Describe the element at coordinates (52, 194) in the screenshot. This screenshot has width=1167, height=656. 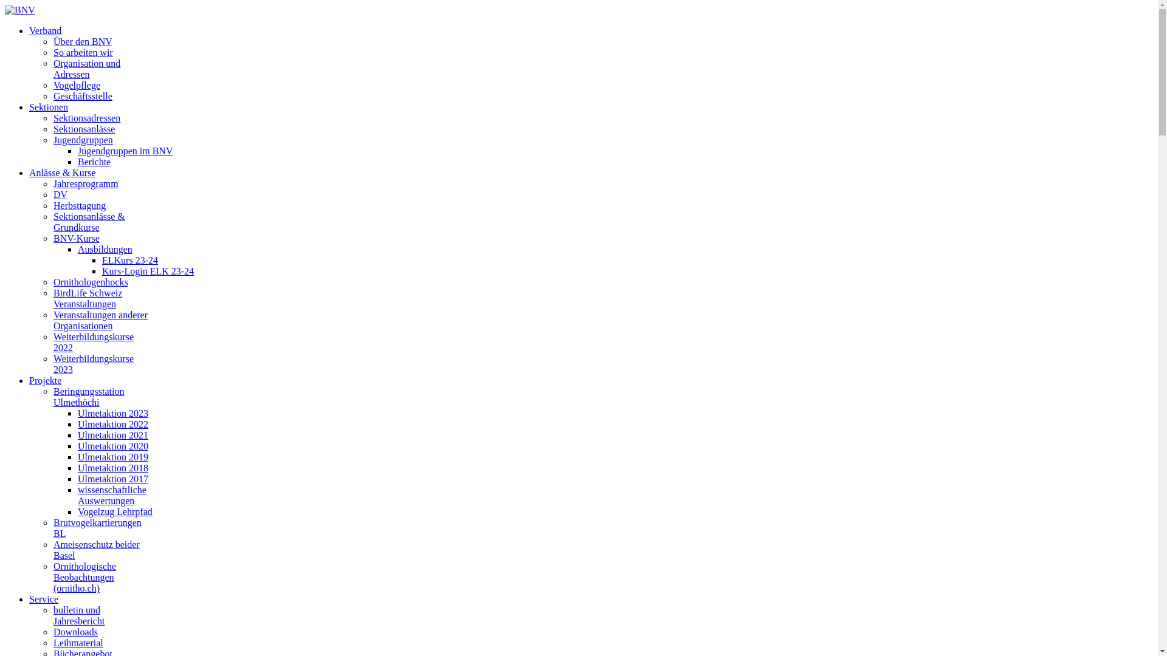
I see `'DV'` at that location.